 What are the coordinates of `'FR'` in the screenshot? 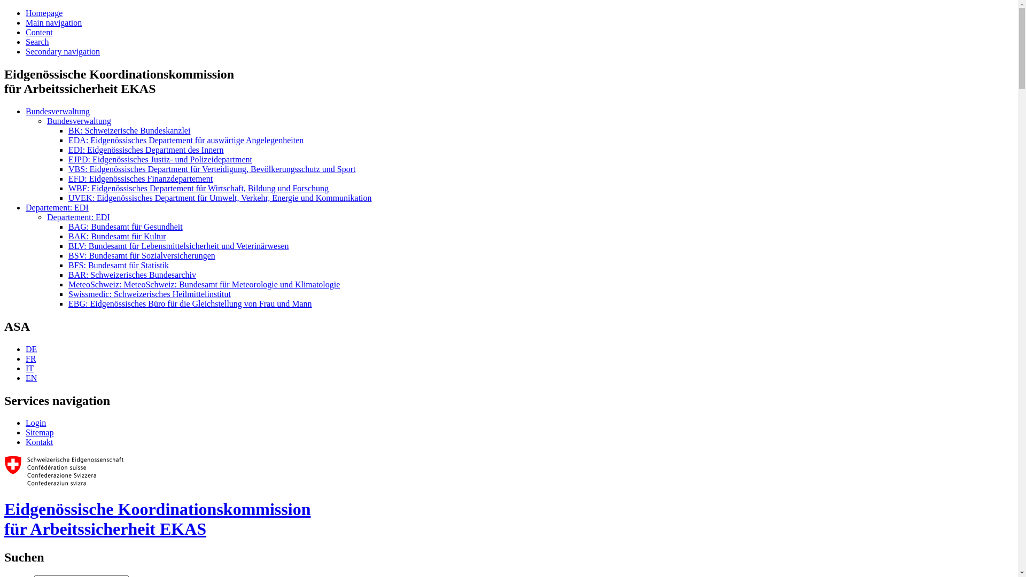 It's located at (30, 358).